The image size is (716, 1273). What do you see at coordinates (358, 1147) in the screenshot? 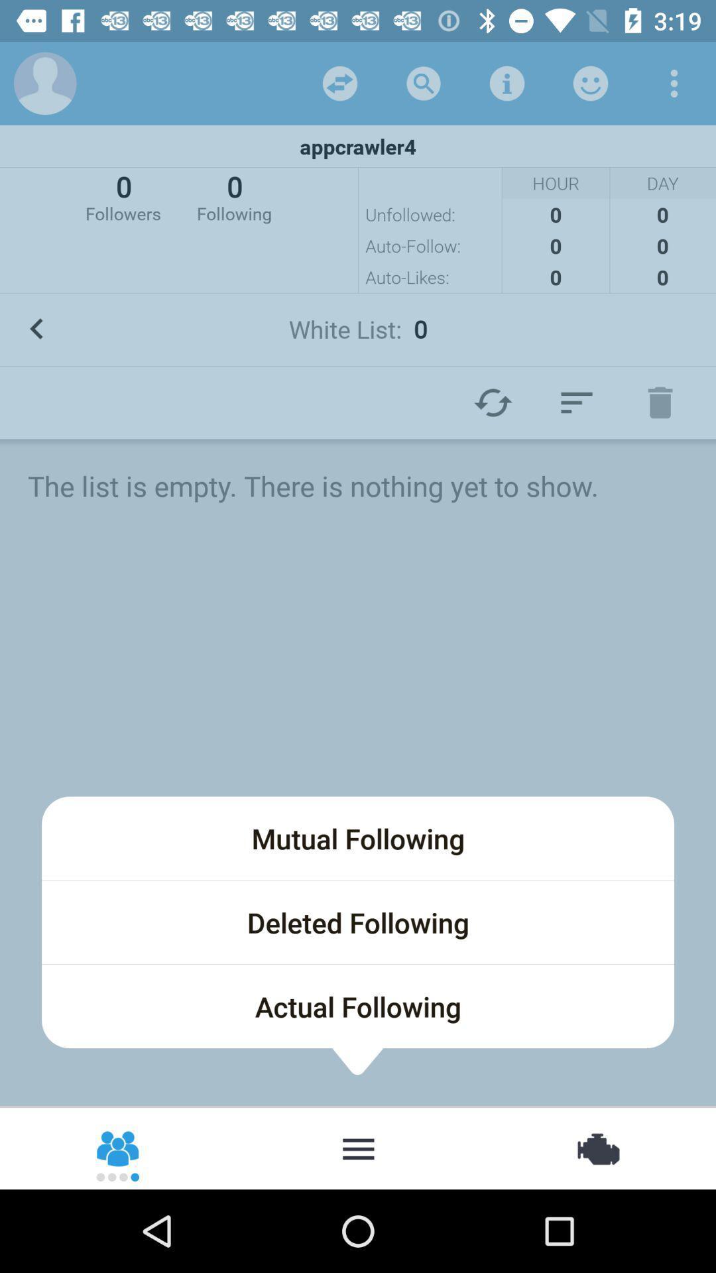
I see `the more icon` at bounding box center [358, 1147].